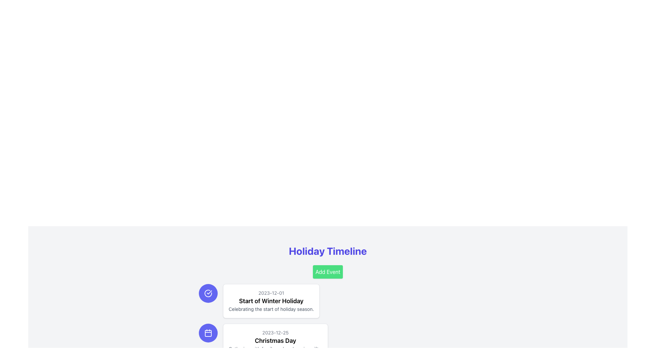 This screenshot has width=646, height=363. Describe the element at coordinates (209, 292) in the screenshot. I see `the check mark icon, which is a minimalistic design with a thin stroke housed within a circular component located at the top left area near the calendar entries` at that location.